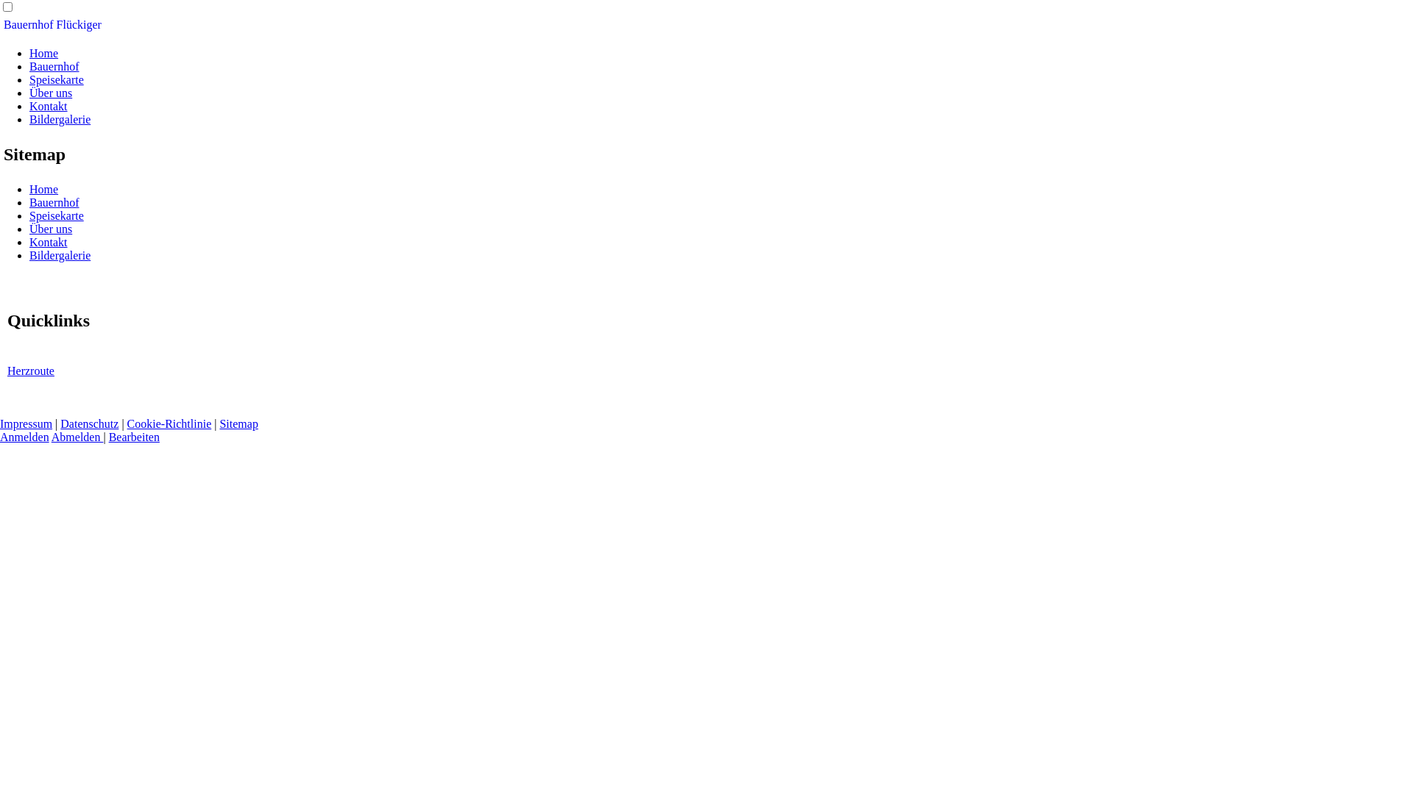 The image size is (1413, 794). Describe the element at coordinates (24, 436) in the screenshot. I see `'Anmelden'` at that location.